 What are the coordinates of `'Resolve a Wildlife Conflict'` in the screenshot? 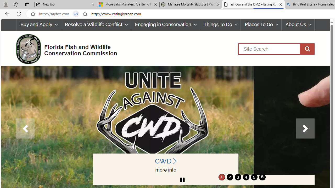 It's located at (96, 25).